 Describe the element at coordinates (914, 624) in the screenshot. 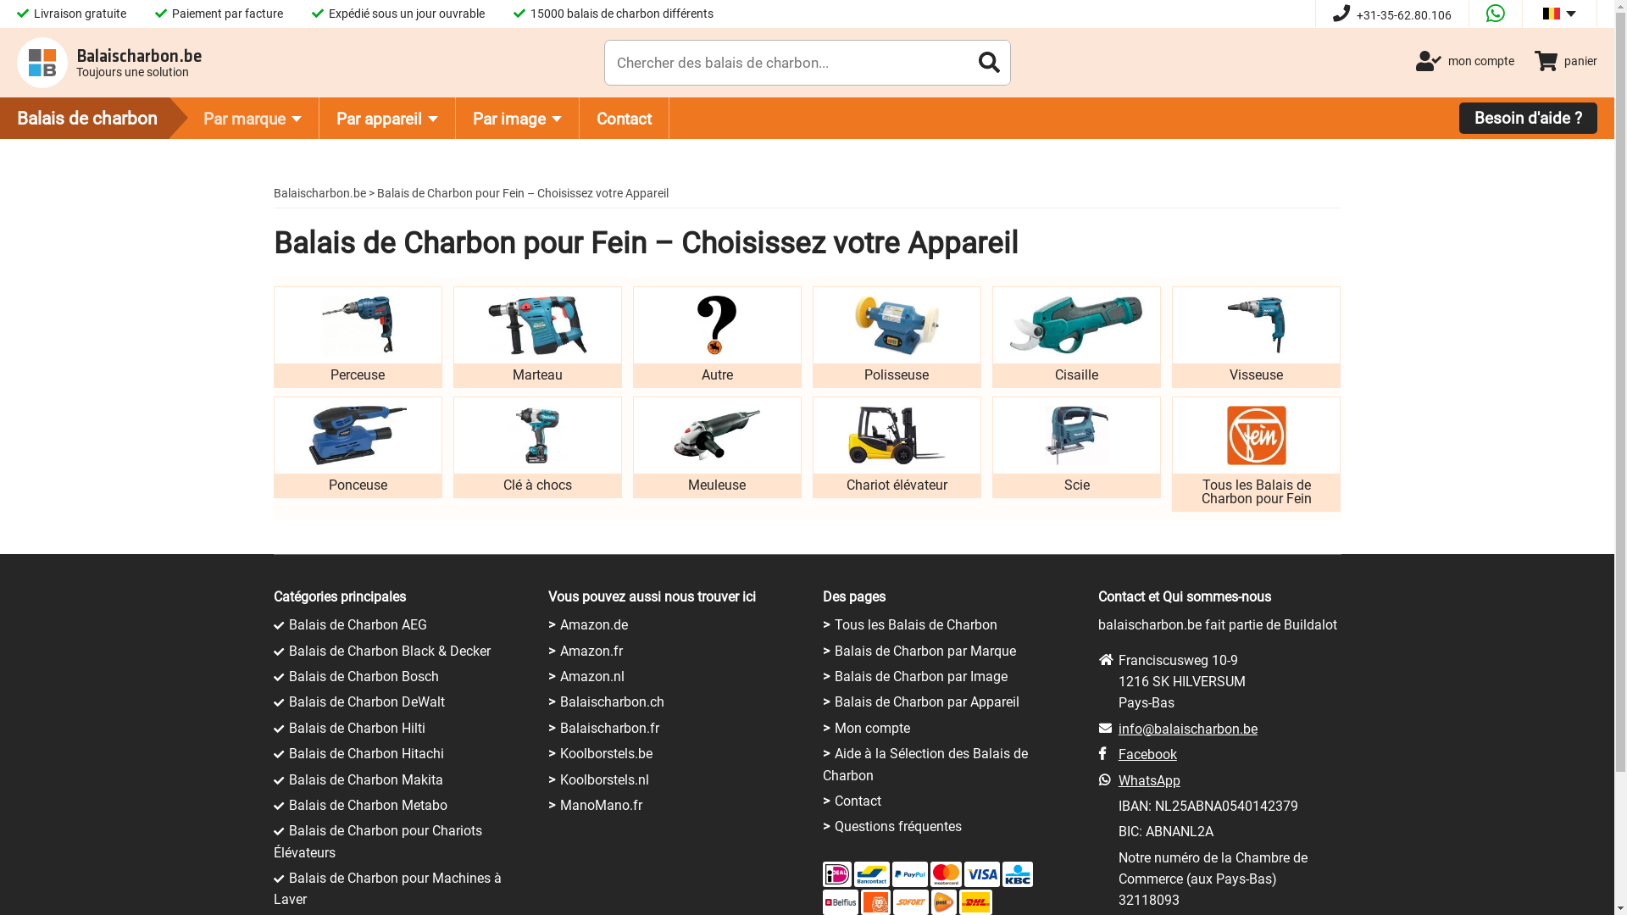

I see `'Tous les Balais de Charbon'` at that location.